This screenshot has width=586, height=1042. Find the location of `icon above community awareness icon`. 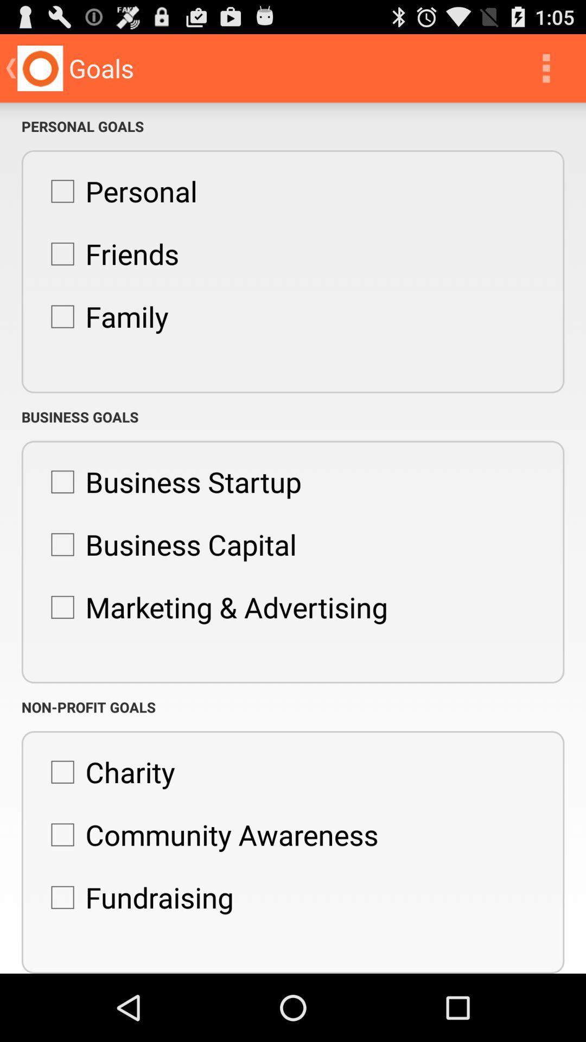

icon above community awareness icon is located at coordinates (107, 771).